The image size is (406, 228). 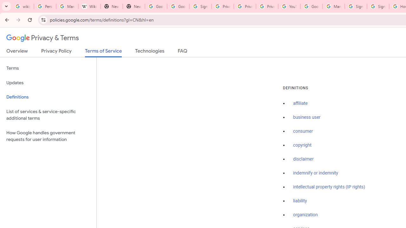 I want to click on 'affiliate', so click(x=300, y=103).